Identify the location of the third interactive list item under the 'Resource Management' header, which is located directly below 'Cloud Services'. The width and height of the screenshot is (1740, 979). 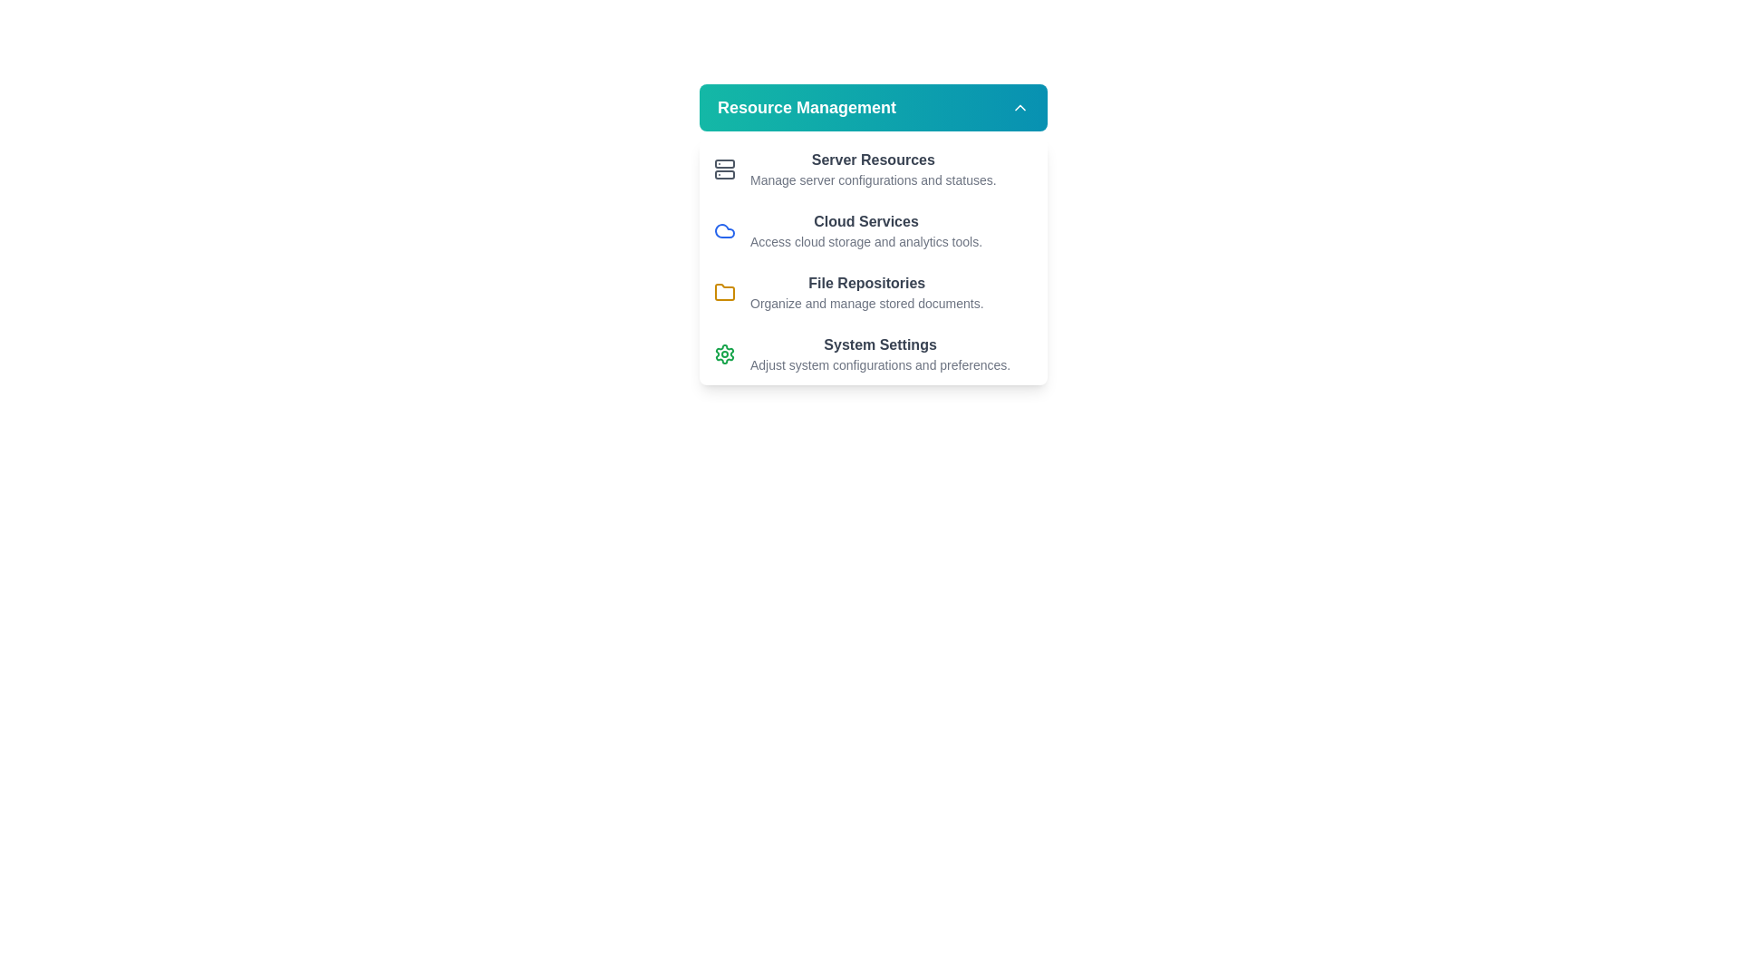
(874, 292).